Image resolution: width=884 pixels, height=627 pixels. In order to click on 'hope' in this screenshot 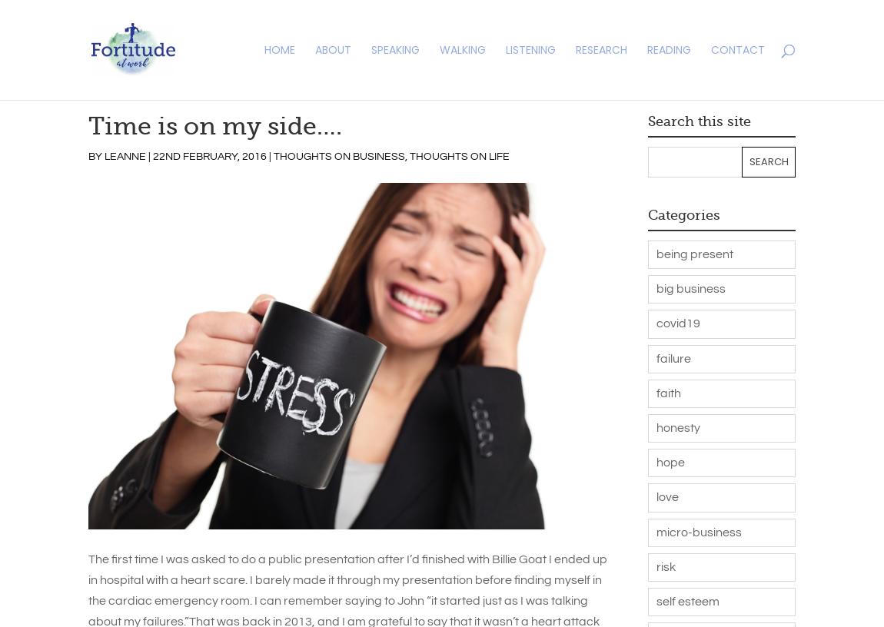, I will do `click(654, 462)`.